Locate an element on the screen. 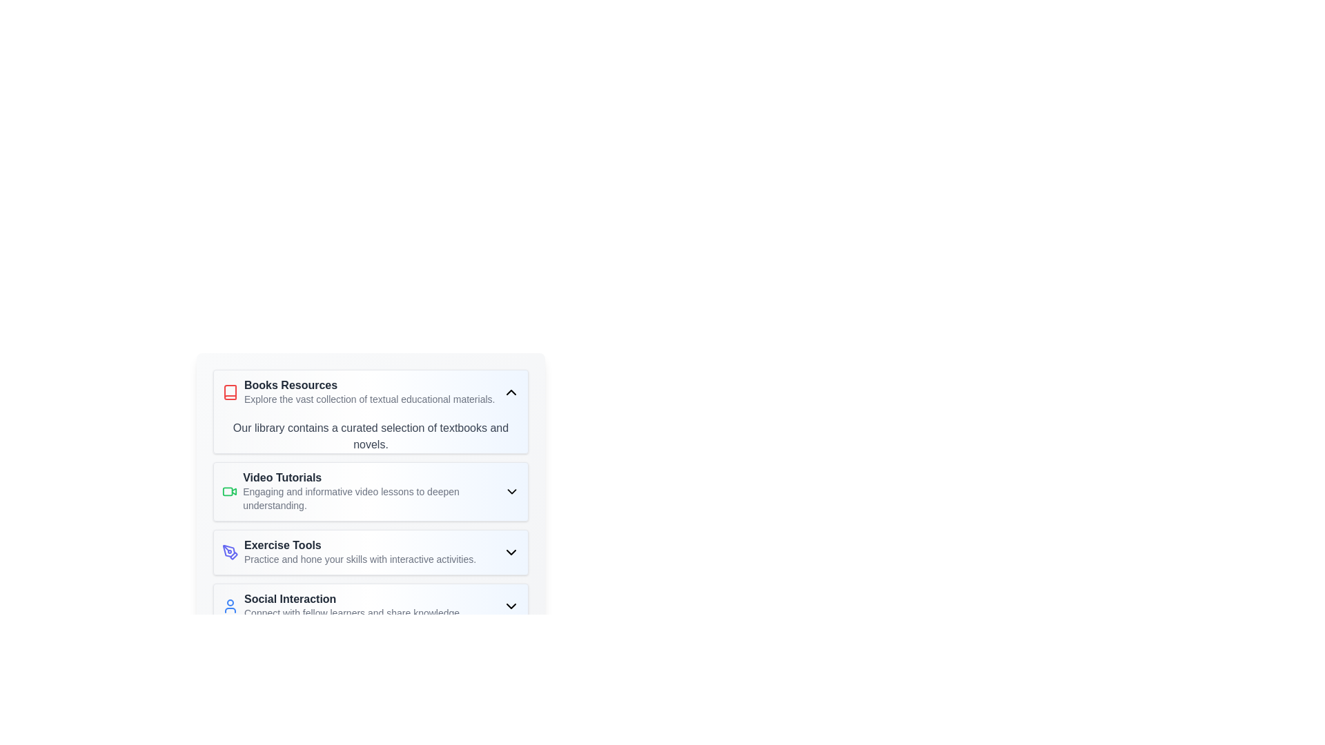 This screenshot has height=745, width=1325. text description located below the title 'Social Interaction', which says: 'Connect with fellow learners and share knowledge.' is located at coordinates (353, 612).